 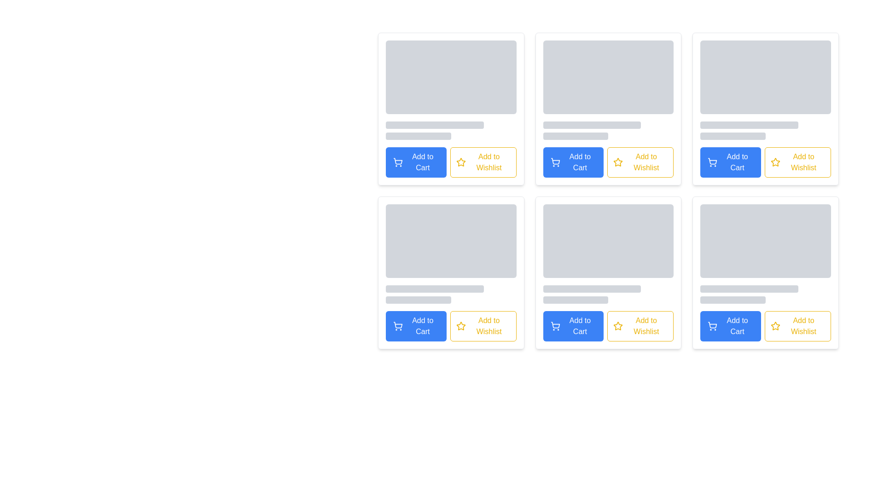 What do you see at coordinates (461, 162) in the screenshot?
I see `the yellow star icon with a hollow center, part of the 'Add to Wishlist' button, located at the bottom right of the product card to possibly display a tooltip` at bounding box center [461, 162].